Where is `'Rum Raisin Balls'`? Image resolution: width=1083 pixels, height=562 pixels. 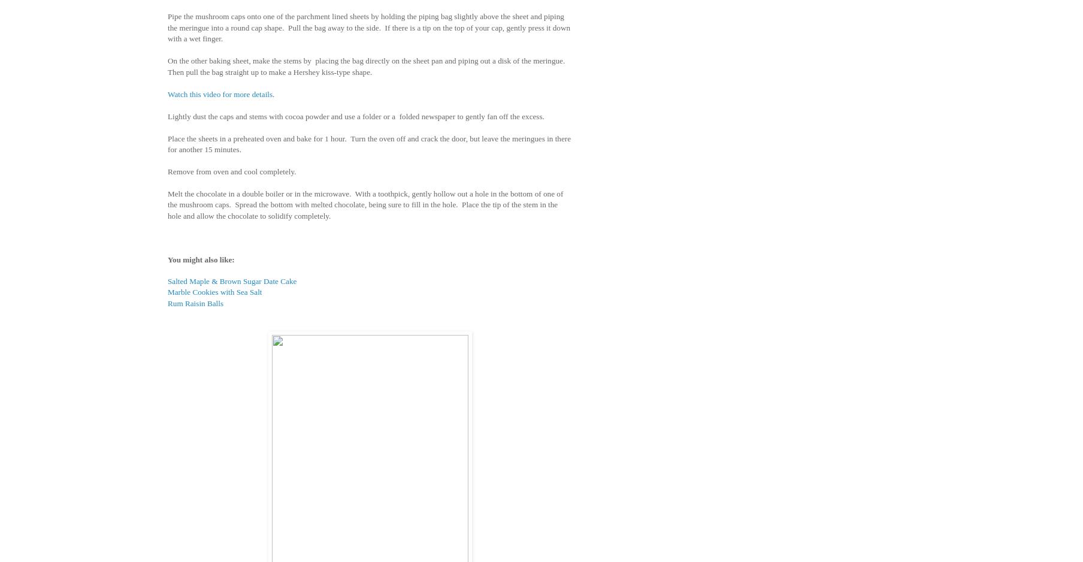 'Rum Raisin Balls' is located at coordinates (195, 302).